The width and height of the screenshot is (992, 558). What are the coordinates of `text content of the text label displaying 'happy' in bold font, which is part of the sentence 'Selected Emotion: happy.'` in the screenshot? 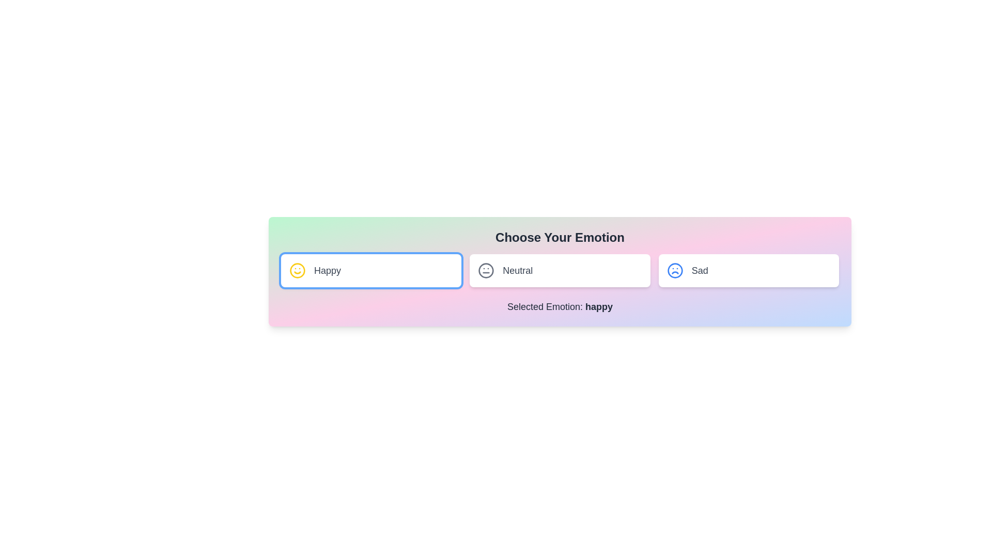 It's located at (599, 306).